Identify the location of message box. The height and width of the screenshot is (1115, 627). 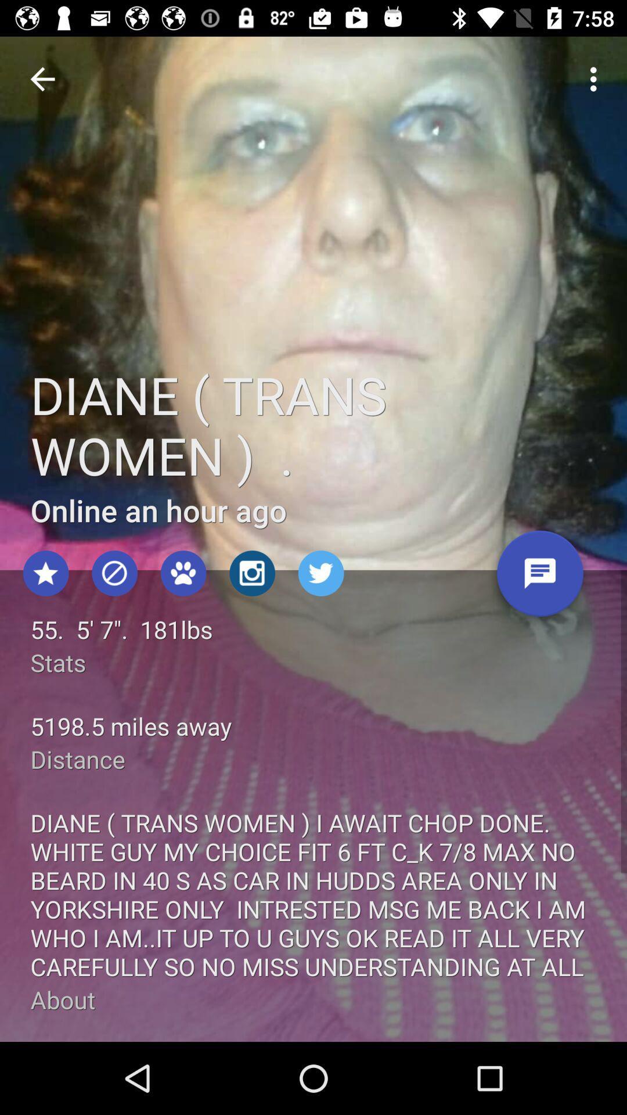
(540, 578).